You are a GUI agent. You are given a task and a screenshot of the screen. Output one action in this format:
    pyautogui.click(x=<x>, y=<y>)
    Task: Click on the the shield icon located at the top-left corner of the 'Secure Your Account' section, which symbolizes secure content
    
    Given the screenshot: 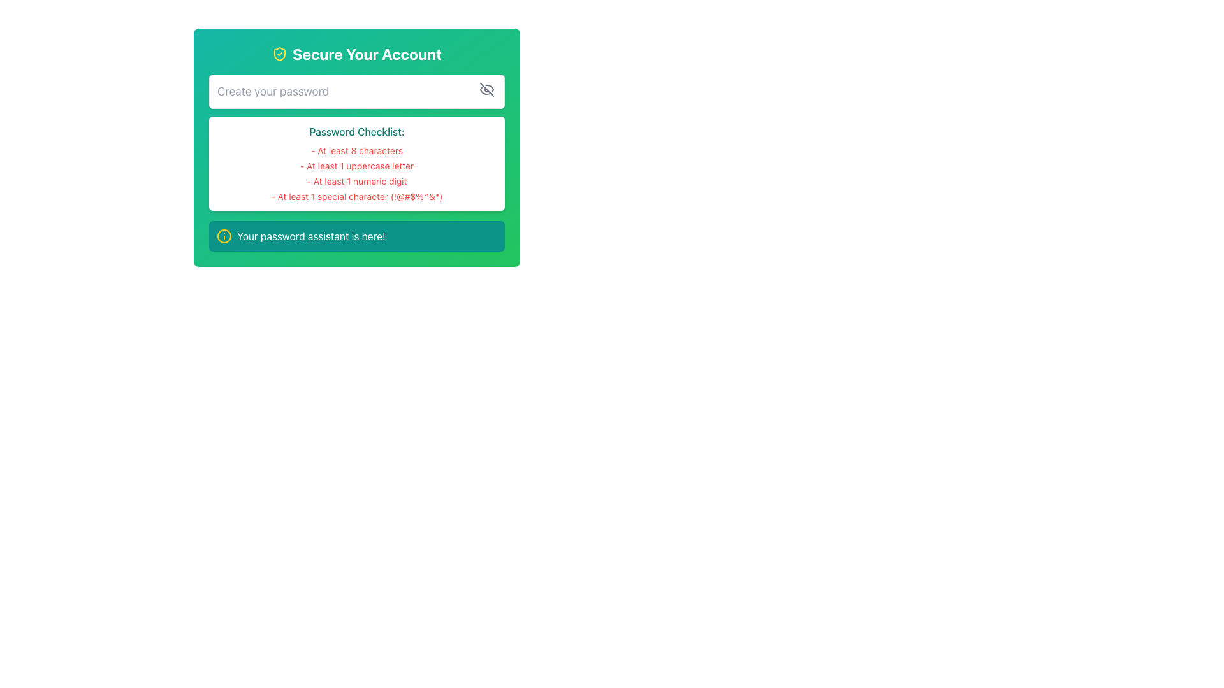 What is the action you would take?
    pyautogui.click(x=279, y=53)
    